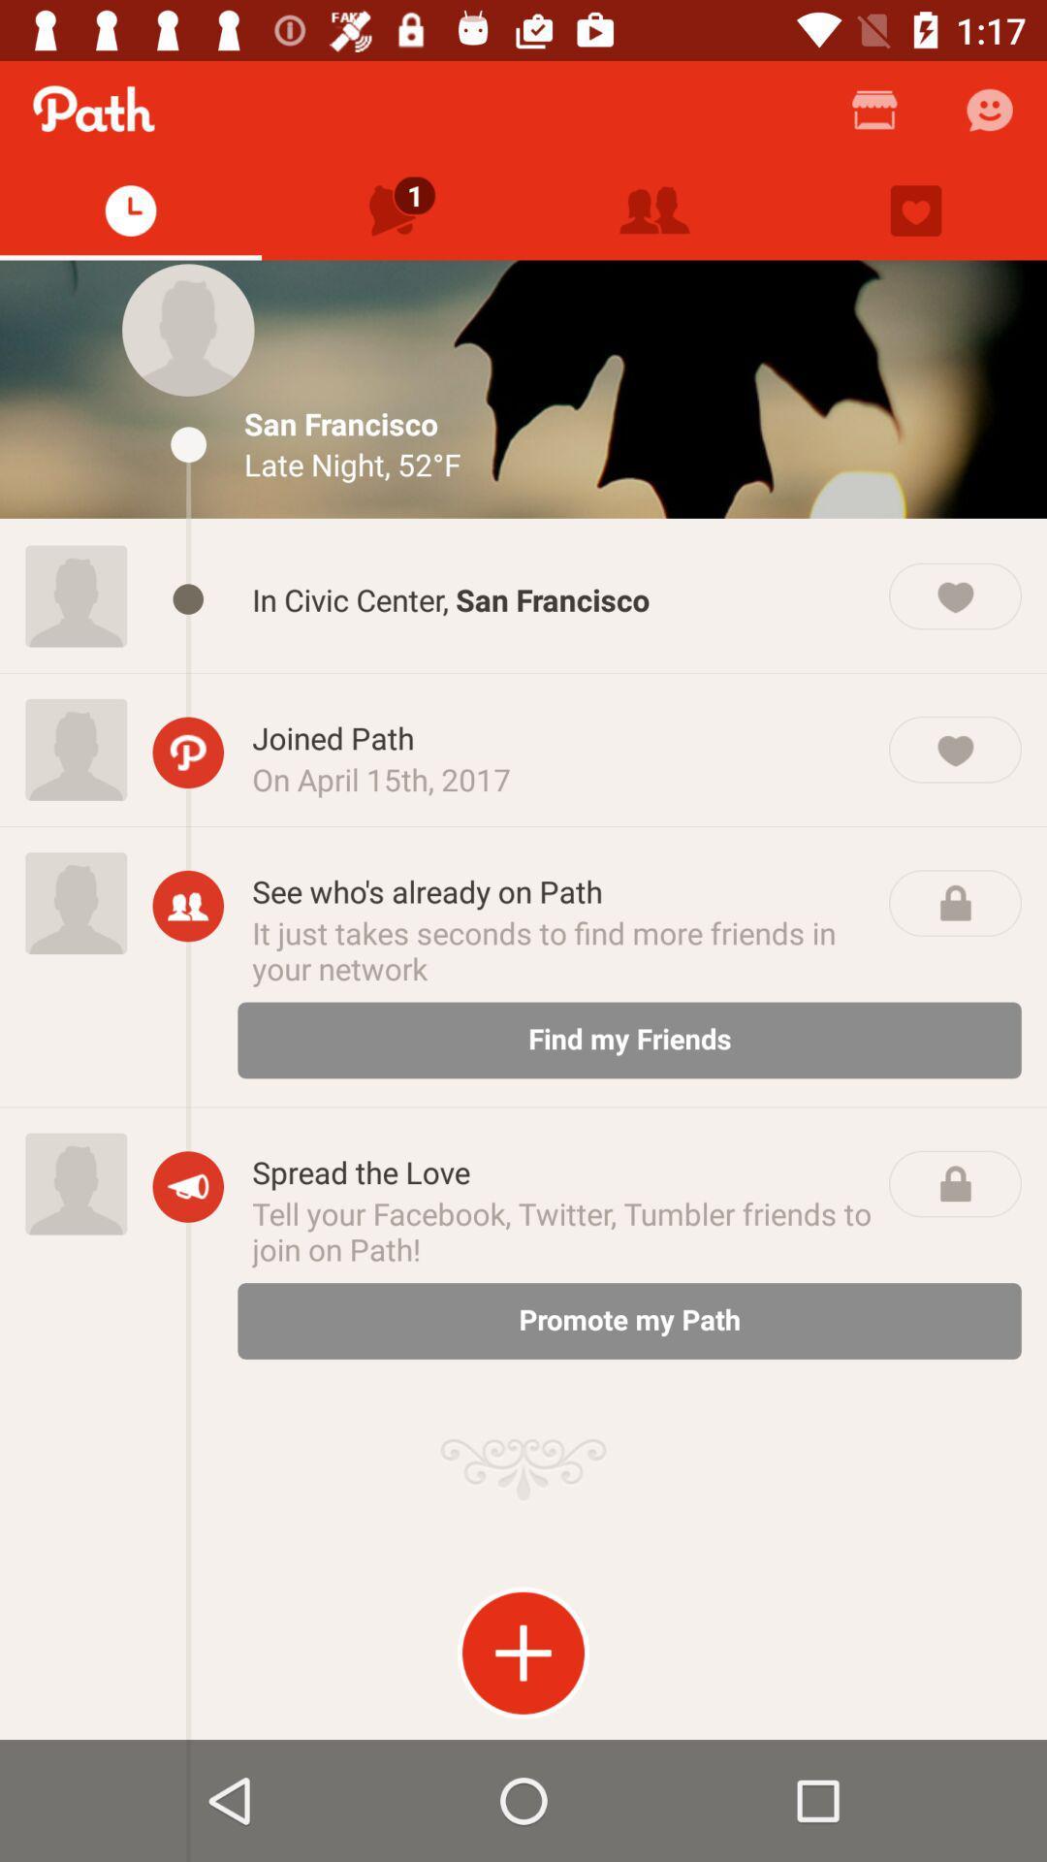  I want to click on second lock button from top, so click(954, 1182).